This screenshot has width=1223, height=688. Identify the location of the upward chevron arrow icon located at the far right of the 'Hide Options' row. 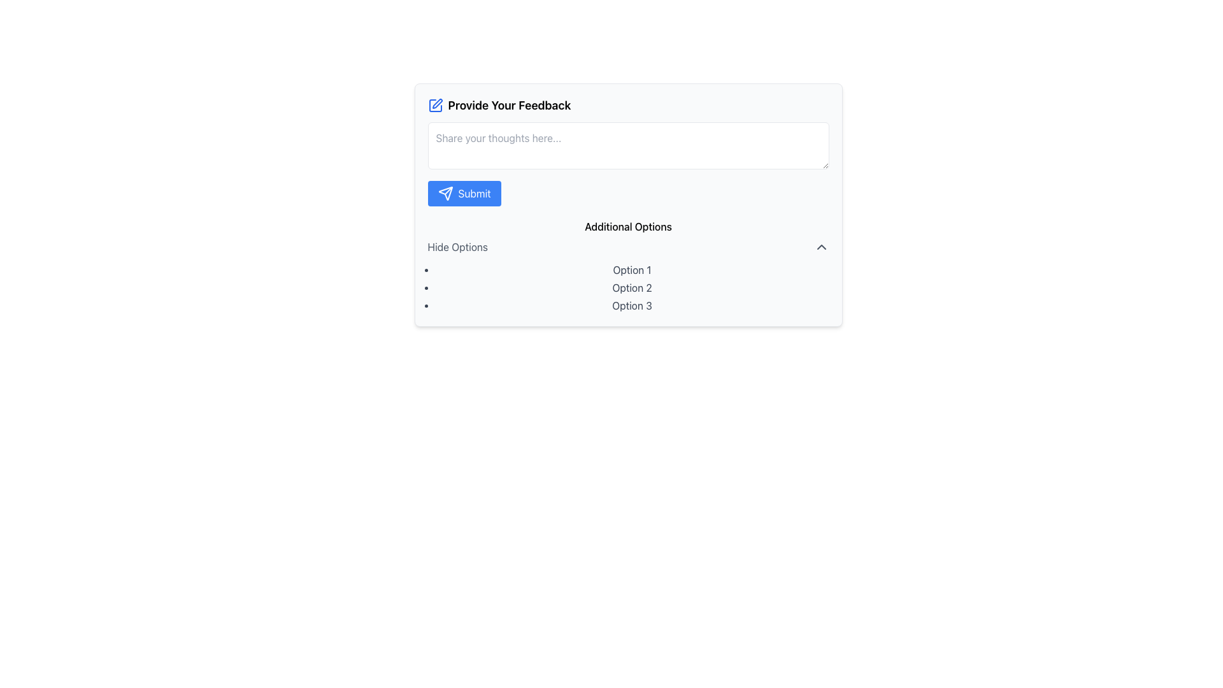
(821, 247).